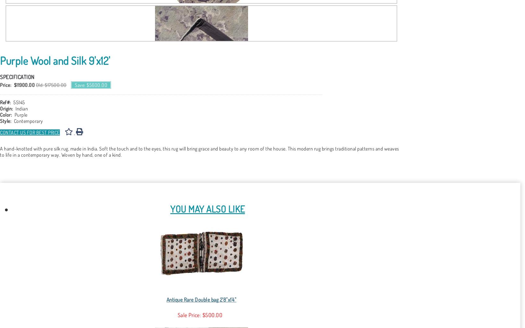  What do you see at coordinates (17, 76) in the screenshot?
I see `'Specification'` at bounding box center [17, 76].